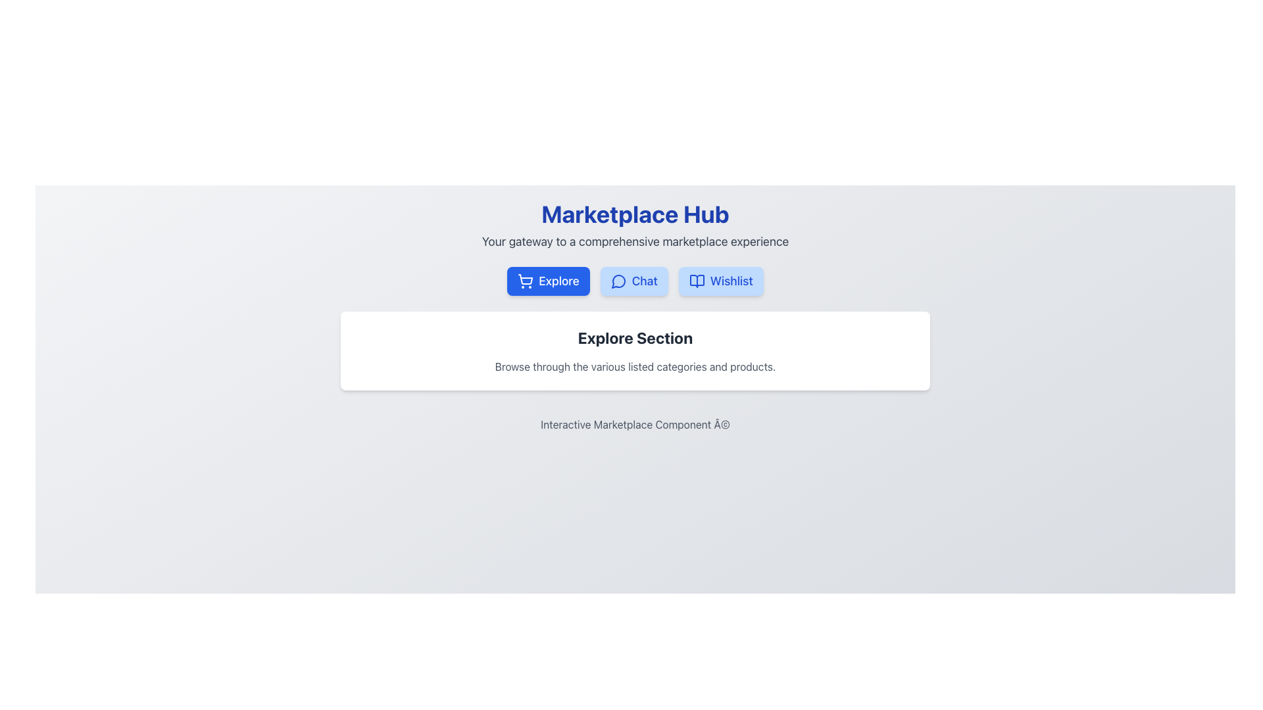  Describe the element at coordinates (634, 281) in the screenshot. I see `the chat button` at that location.